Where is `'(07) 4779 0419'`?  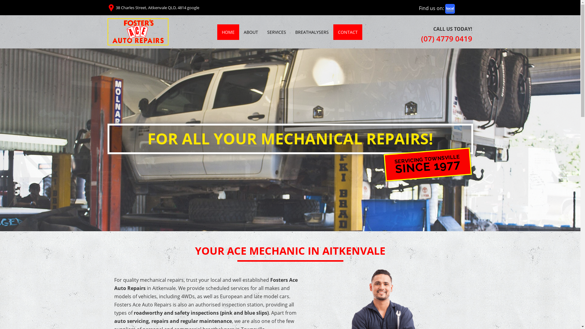
'(07) 4779 0419' is located at coordinates (446, 38).